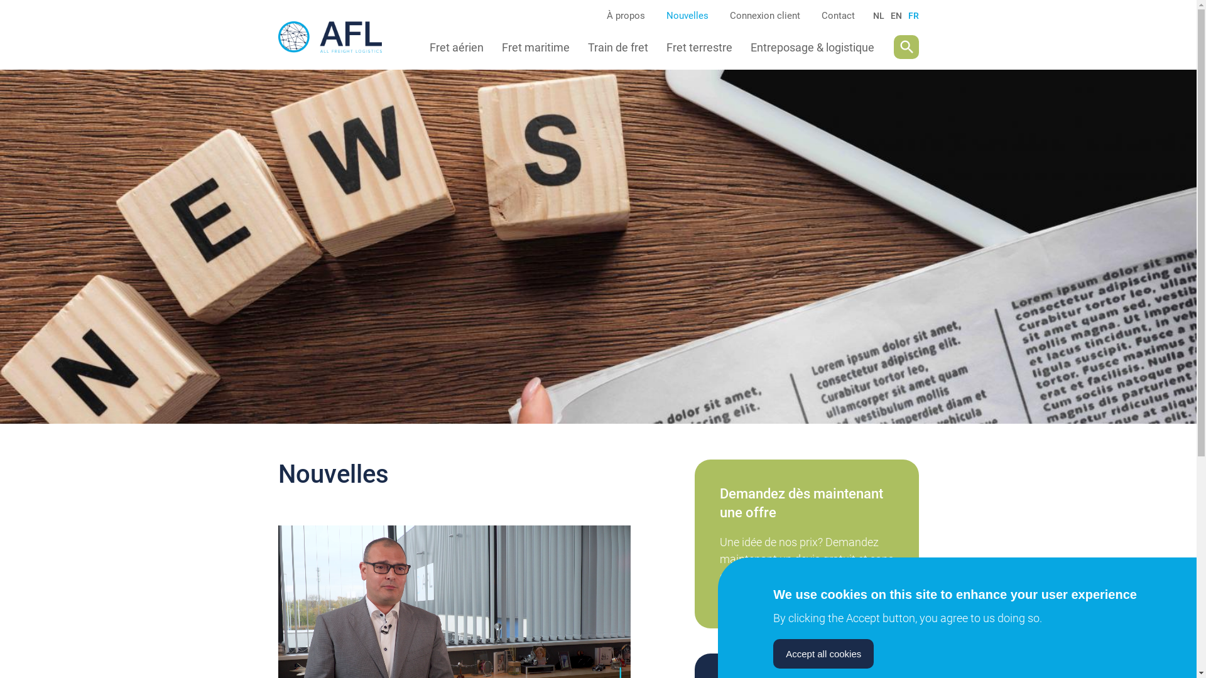 The width and height of the screenshot is (1206, 678). Describe the element at coordinates (838, 15) in the screenshot. I see `'Contact'` at that location.